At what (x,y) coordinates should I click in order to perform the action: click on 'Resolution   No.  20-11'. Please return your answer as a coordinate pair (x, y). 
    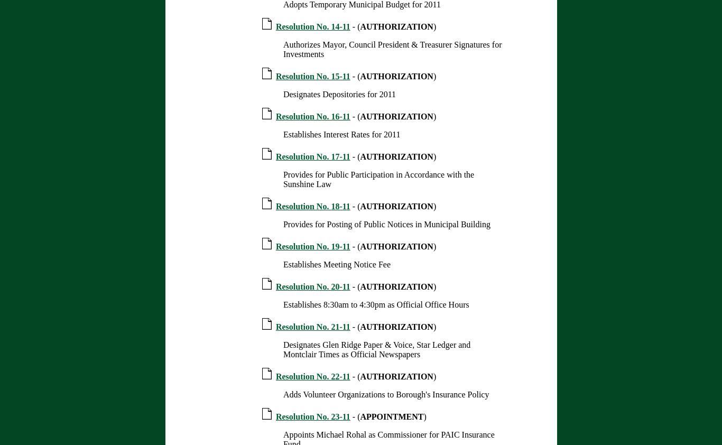
    Looking at the image, I should click on (312, 286).